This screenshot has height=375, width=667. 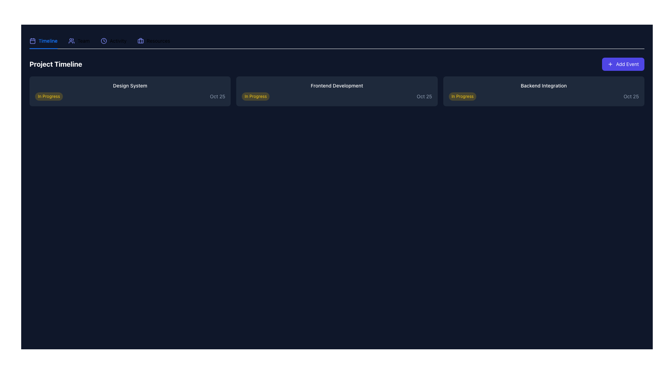 I want to click on the second tab in the navigation bar, positioned between the 'Timeline' tab and the 'Activity' tab, so click(x=79, y=41).